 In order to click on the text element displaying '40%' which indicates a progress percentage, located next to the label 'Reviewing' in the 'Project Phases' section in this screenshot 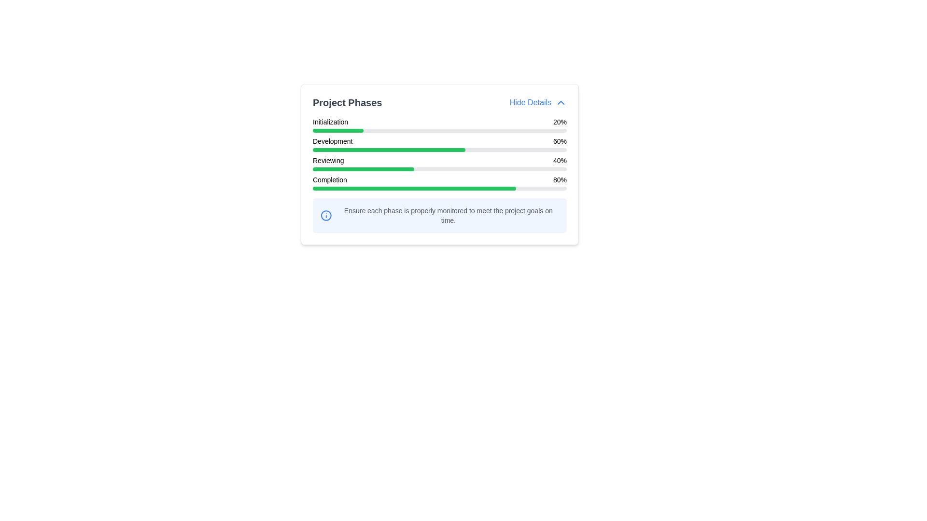, I will do `click(560, 160)`.